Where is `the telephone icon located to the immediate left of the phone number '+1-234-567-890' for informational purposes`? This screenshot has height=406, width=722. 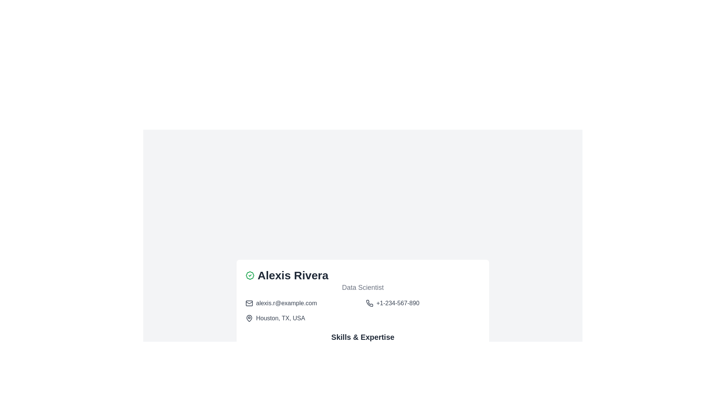
the telephone icon located to the immediate left of the phone number '+1-234-567-890' for informational purposes is located at coordinates (370, 303).